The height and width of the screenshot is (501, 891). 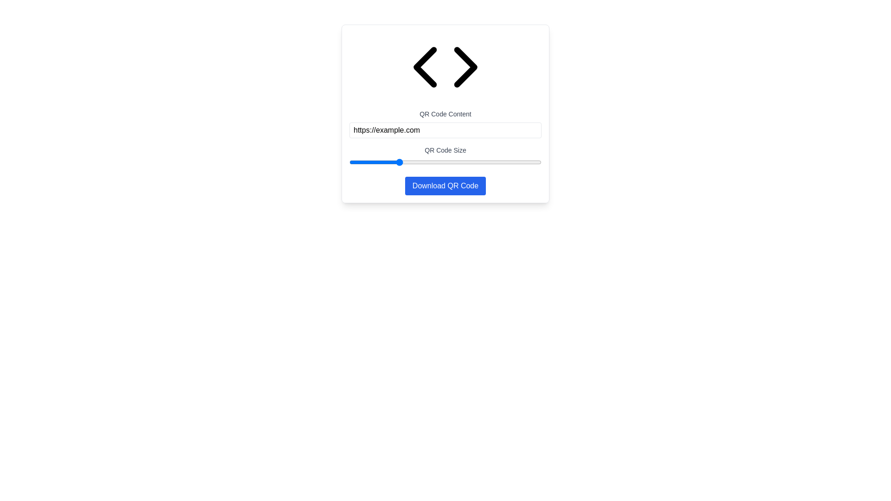 I want to click on the left-pointing caret arrow icon, which is part of a navigation pair located above the 'QR Code Content' text input field, so click(x=425, y=67).